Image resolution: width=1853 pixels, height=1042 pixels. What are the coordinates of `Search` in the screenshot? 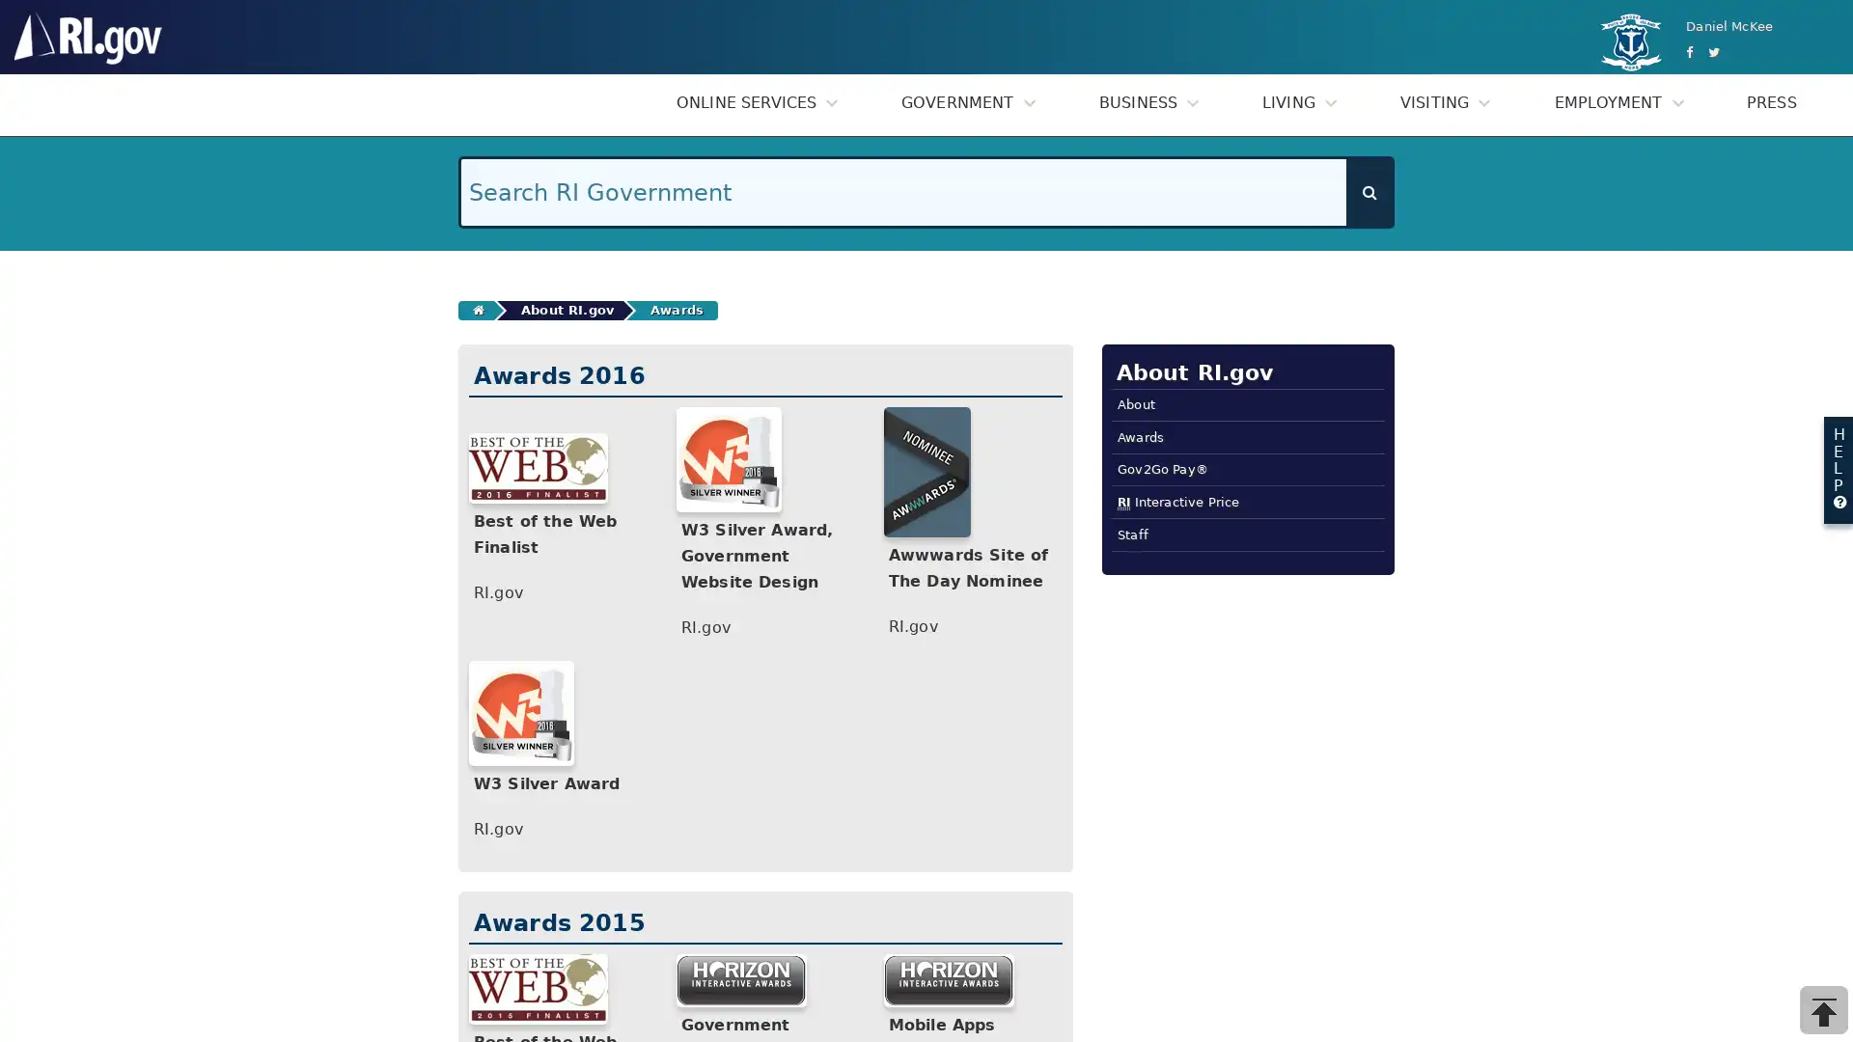 It's located at (1369, 192).